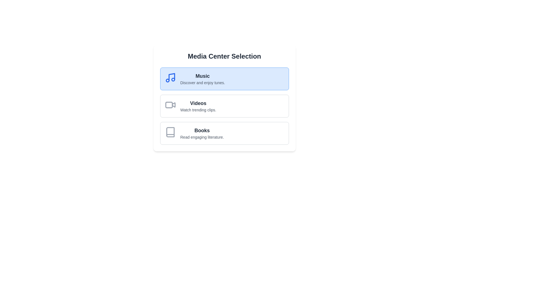  I want to click on the 'Videos' option, so click(224, 106).